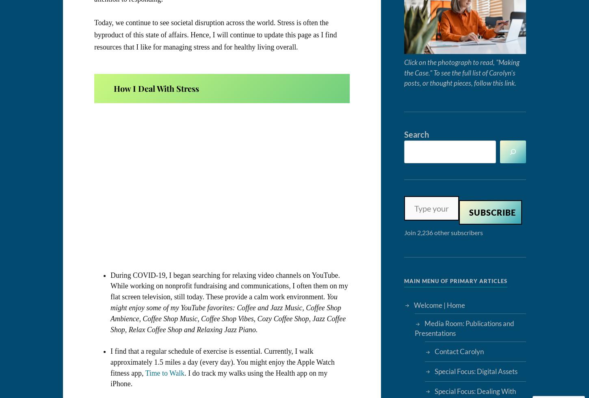 This screenshot has height=398, width=589. Describe the element at coordinates (155, 88) in the screenshot. I see `'How I Deal With Stress'` at that location.